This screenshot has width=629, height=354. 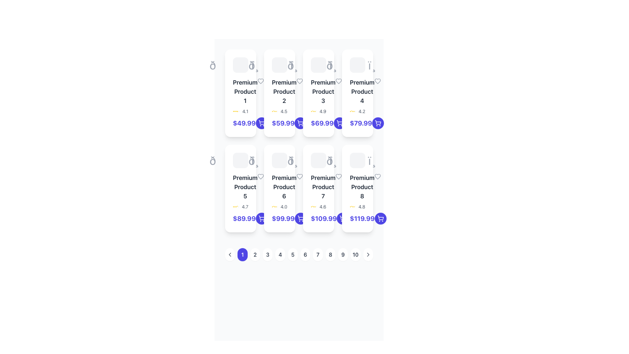 What do you see at coordinates (378, 123) in the screenshot?
I see `the 'Add to Cart' button for 'Premium Product 4' located at the bottom-right corner of its card` at bounding box center [378, 123].